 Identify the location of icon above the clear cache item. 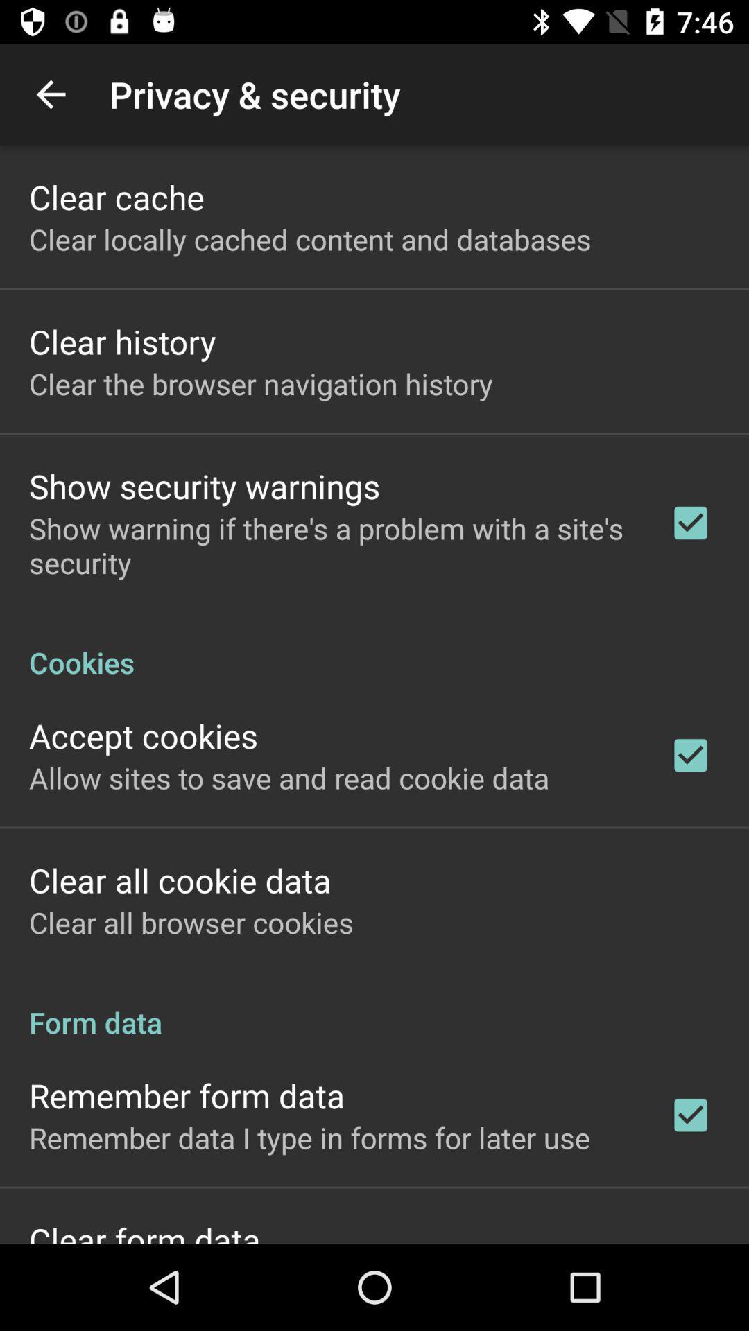
(50, 94).